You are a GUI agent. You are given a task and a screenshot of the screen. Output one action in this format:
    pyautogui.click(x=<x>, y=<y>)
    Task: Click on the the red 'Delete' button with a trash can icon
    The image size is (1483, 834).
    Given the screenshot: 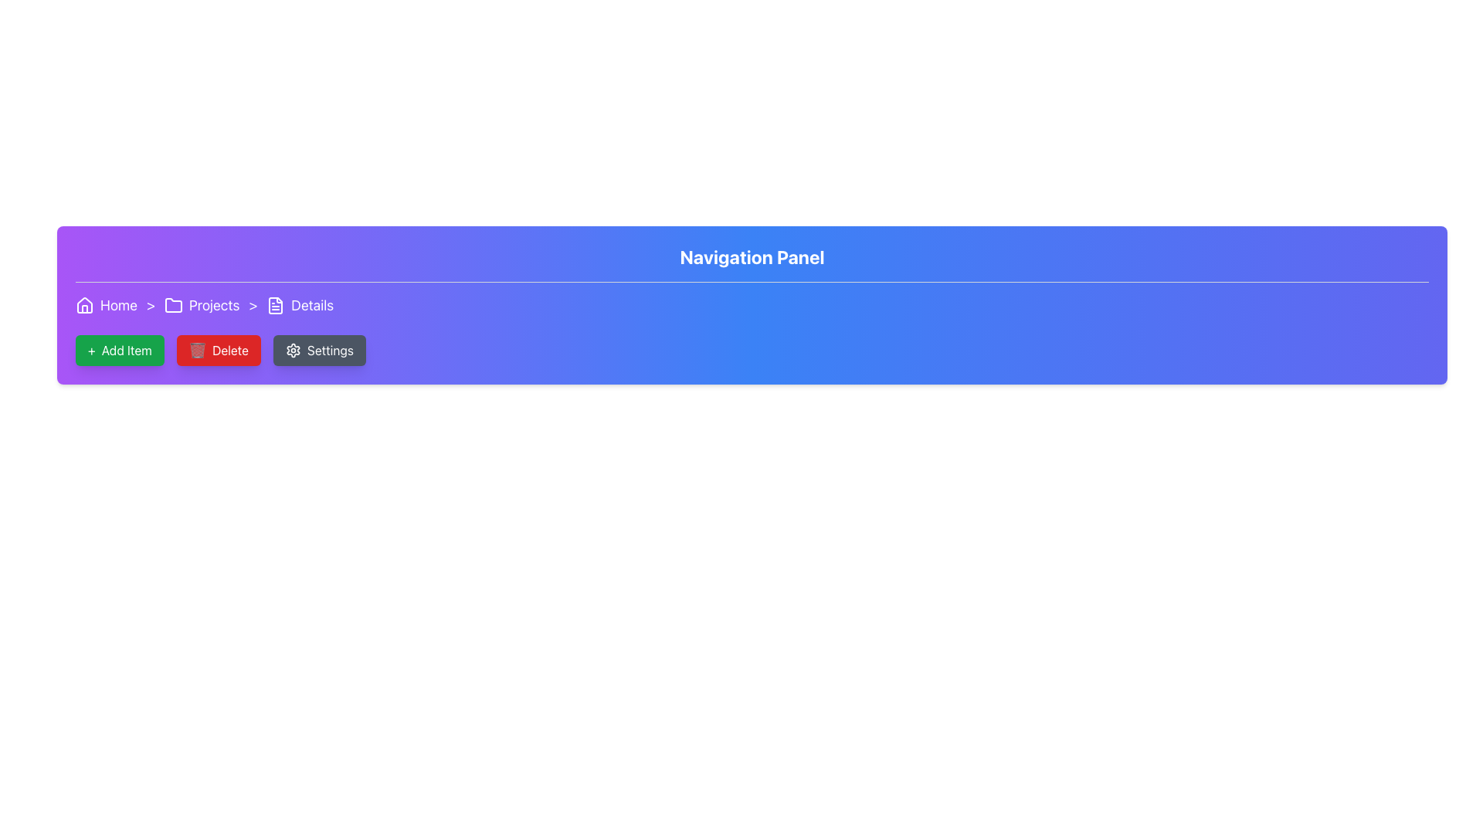 What is the action you would take?
    pyautogui.click(x=218, y=351)
    